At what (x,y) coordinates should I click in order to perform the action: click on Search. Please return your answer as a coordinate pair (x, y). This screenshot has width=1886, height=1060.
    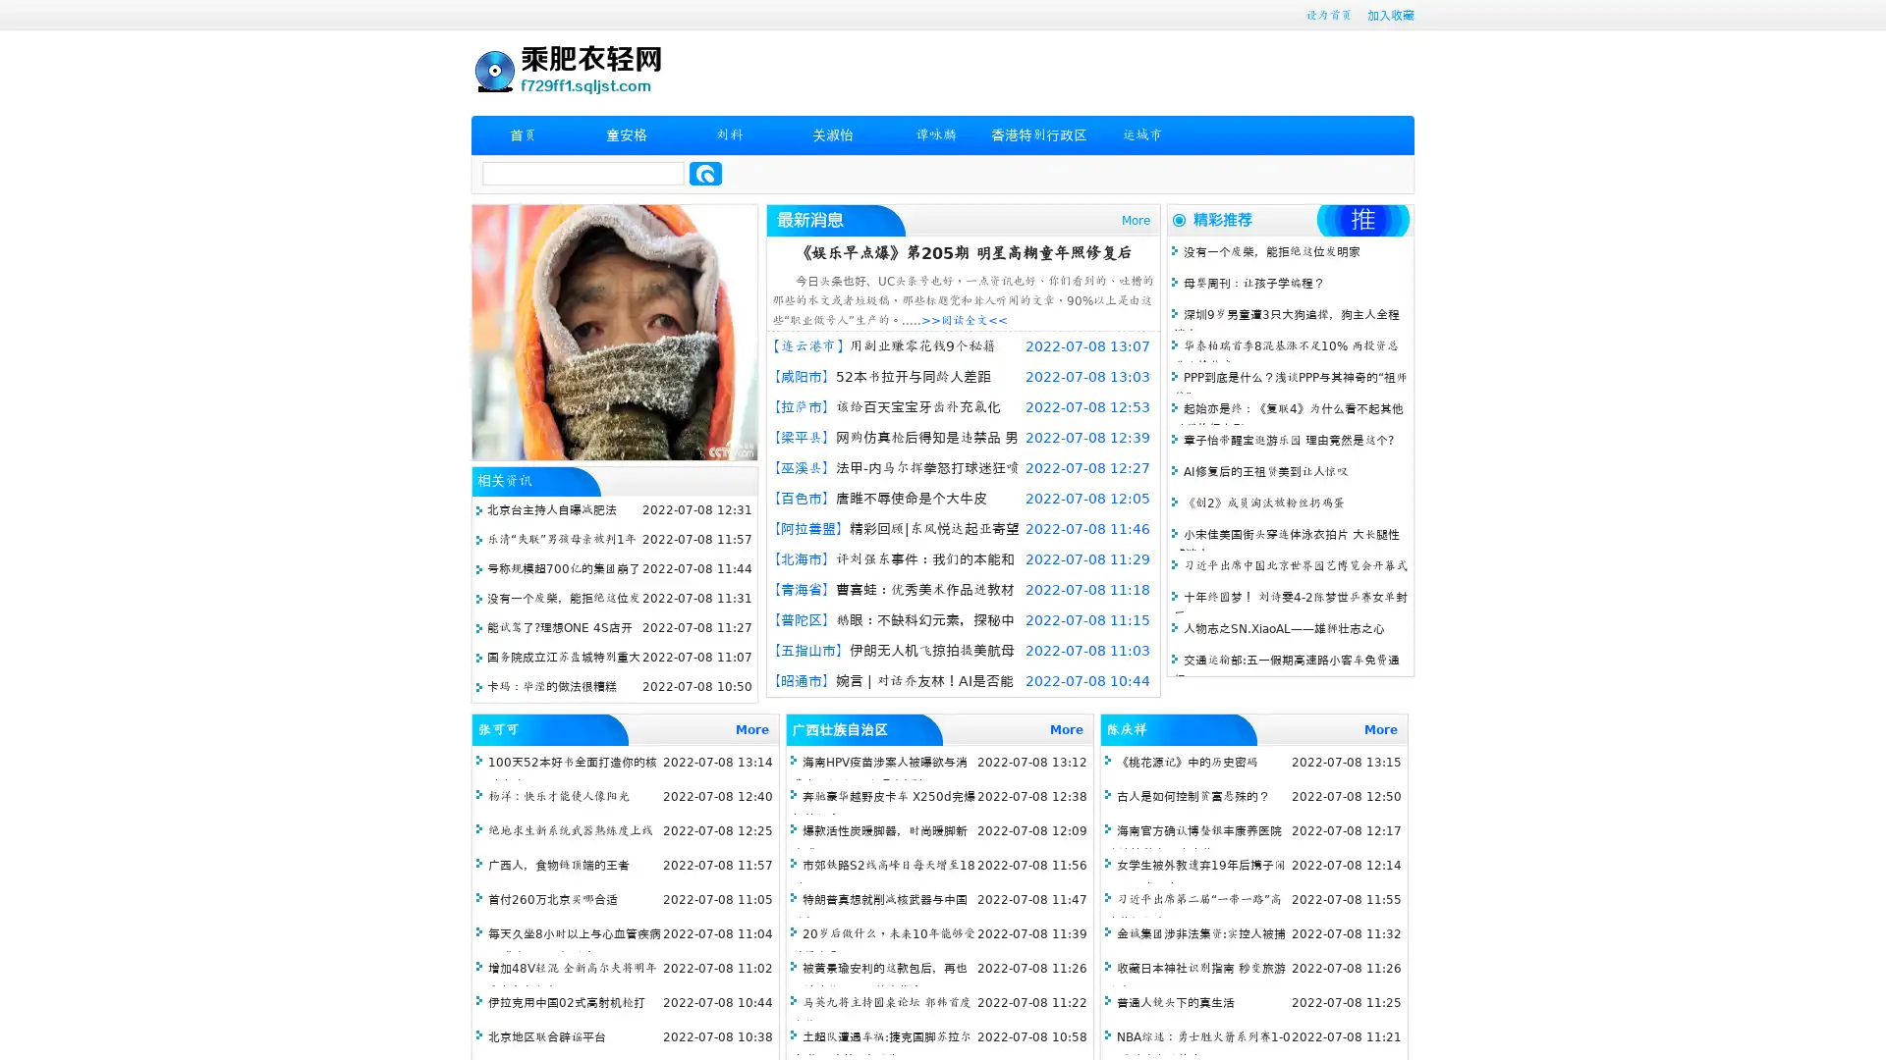
    Looking at the image, I should click on (705, 173).